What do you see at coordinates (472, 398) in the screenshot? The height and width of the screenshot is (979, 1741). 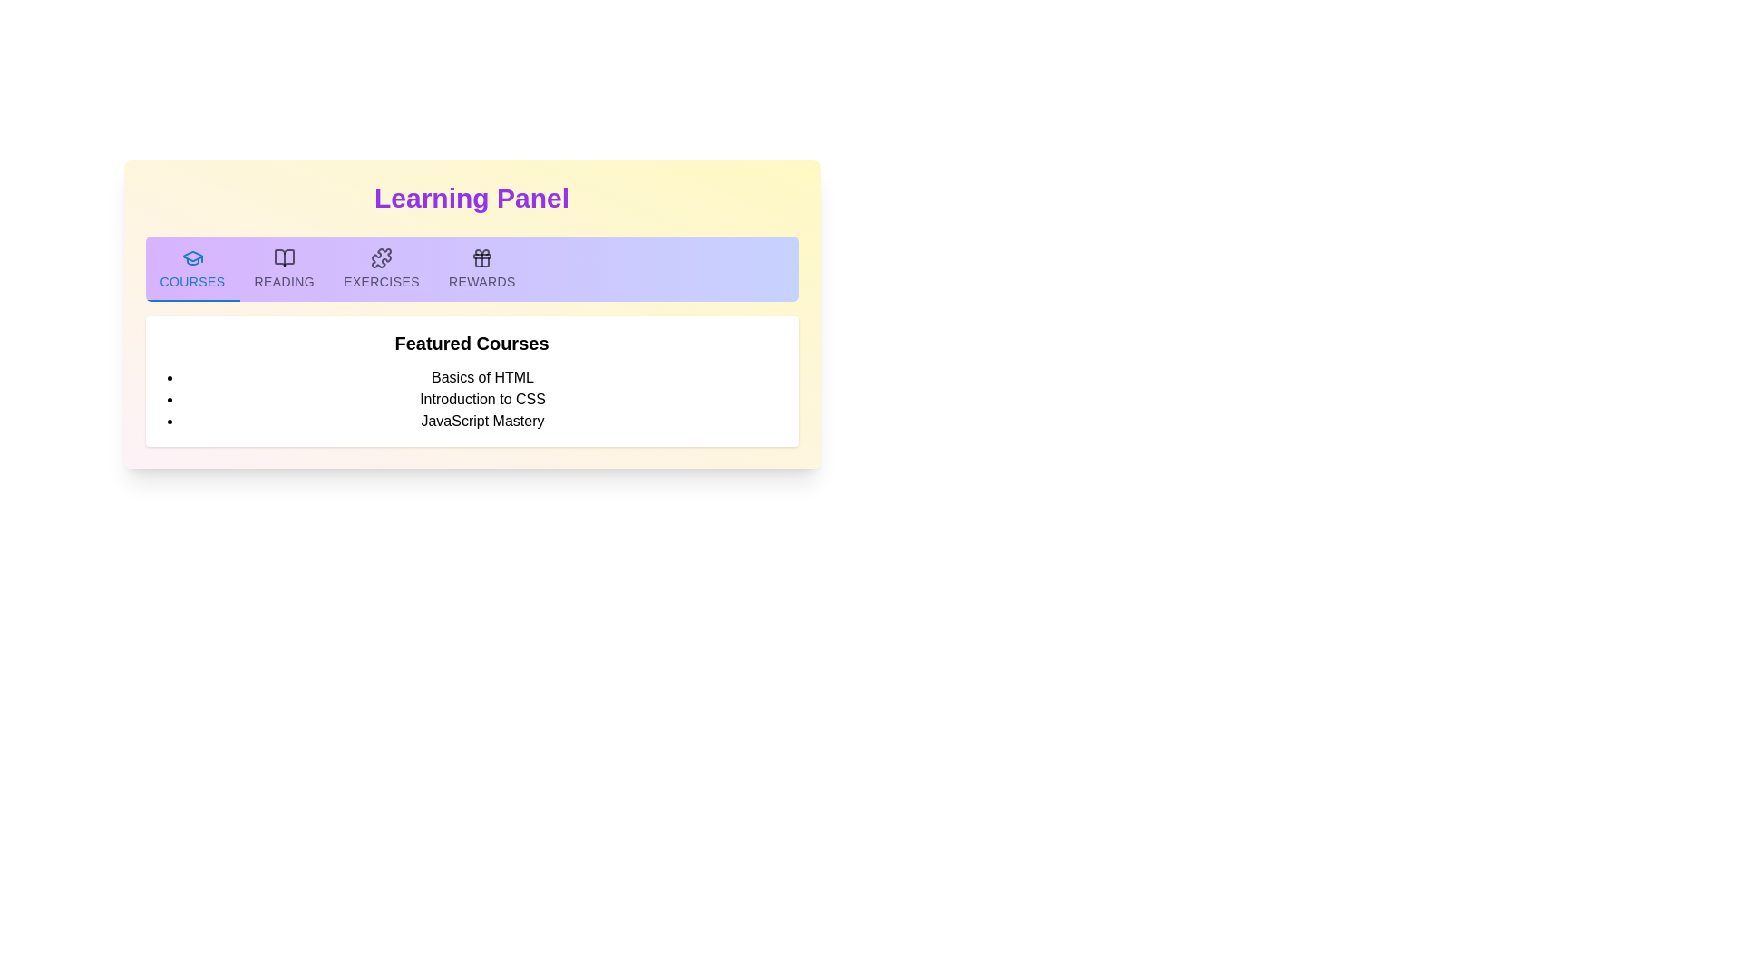 I see `the unordered list containing the items 'Basics of HTML,' 'Introduction to CSS,' and 'JavaScript Mastery'` at bounding box center [472, 398].